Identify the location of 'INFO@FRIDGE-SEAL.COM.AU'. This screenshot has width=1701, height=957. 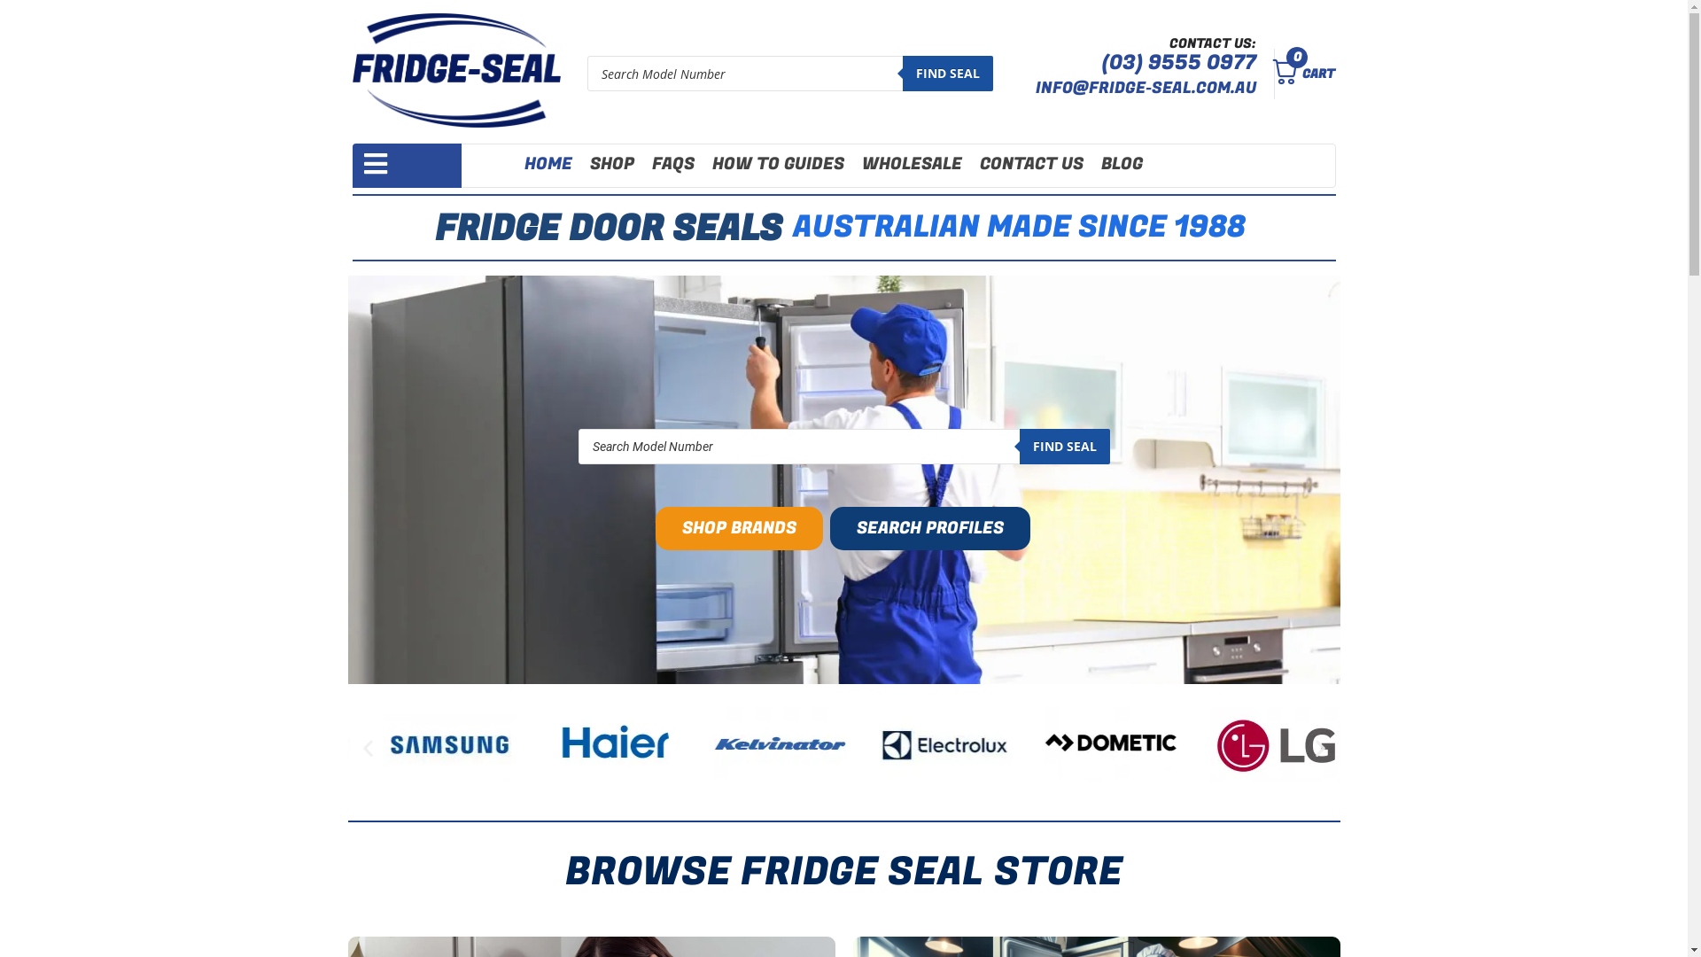
(1146, 88).